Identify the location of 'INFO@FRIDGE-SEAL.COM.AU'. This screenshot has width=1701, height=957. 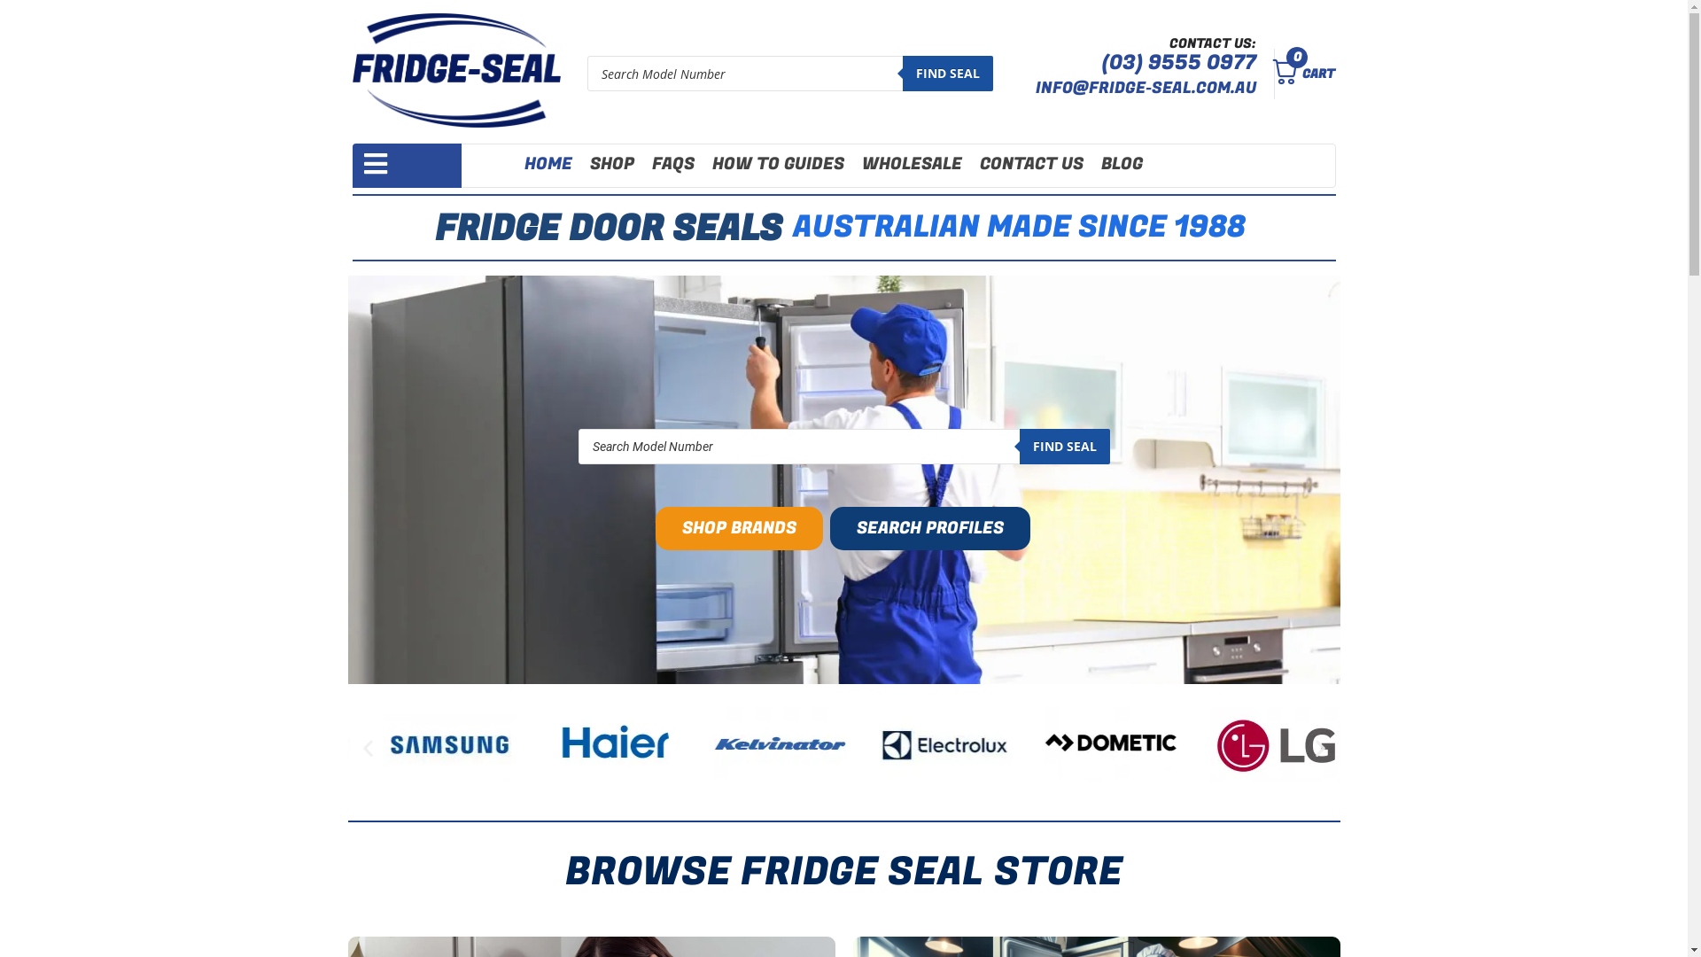
(1146, 88).